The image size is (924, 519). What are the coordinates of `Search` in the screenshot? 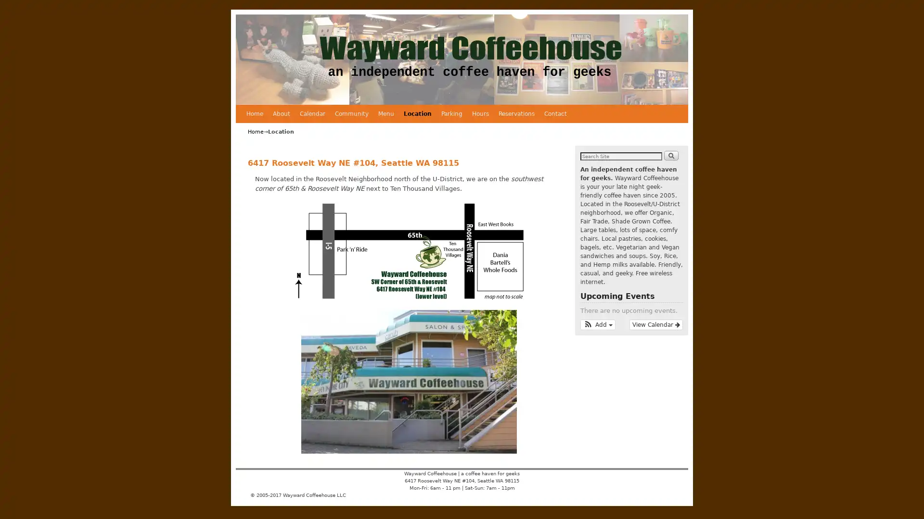 It's located at (671, 155).